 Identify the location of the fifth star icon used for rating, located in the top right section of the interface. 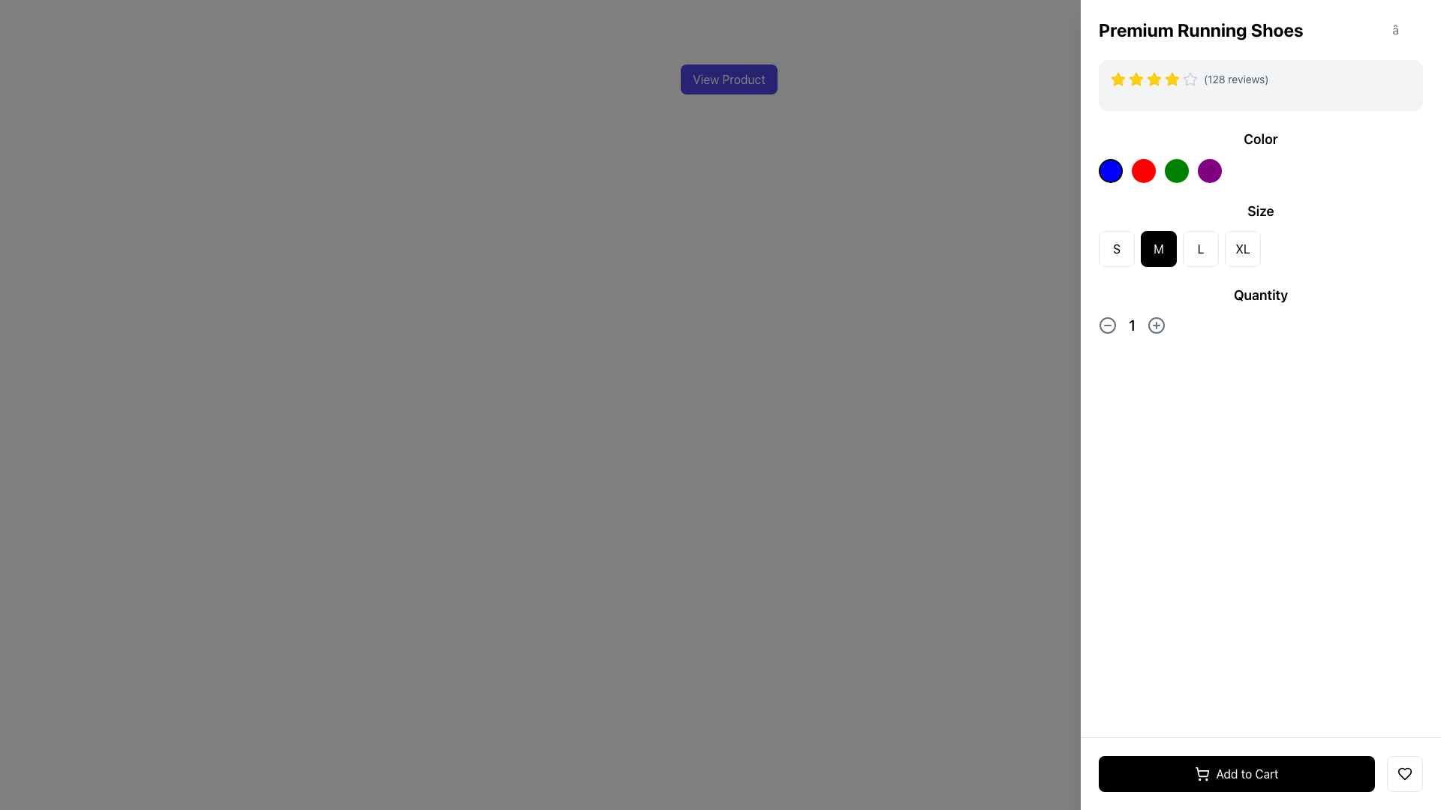
(1171, 79).